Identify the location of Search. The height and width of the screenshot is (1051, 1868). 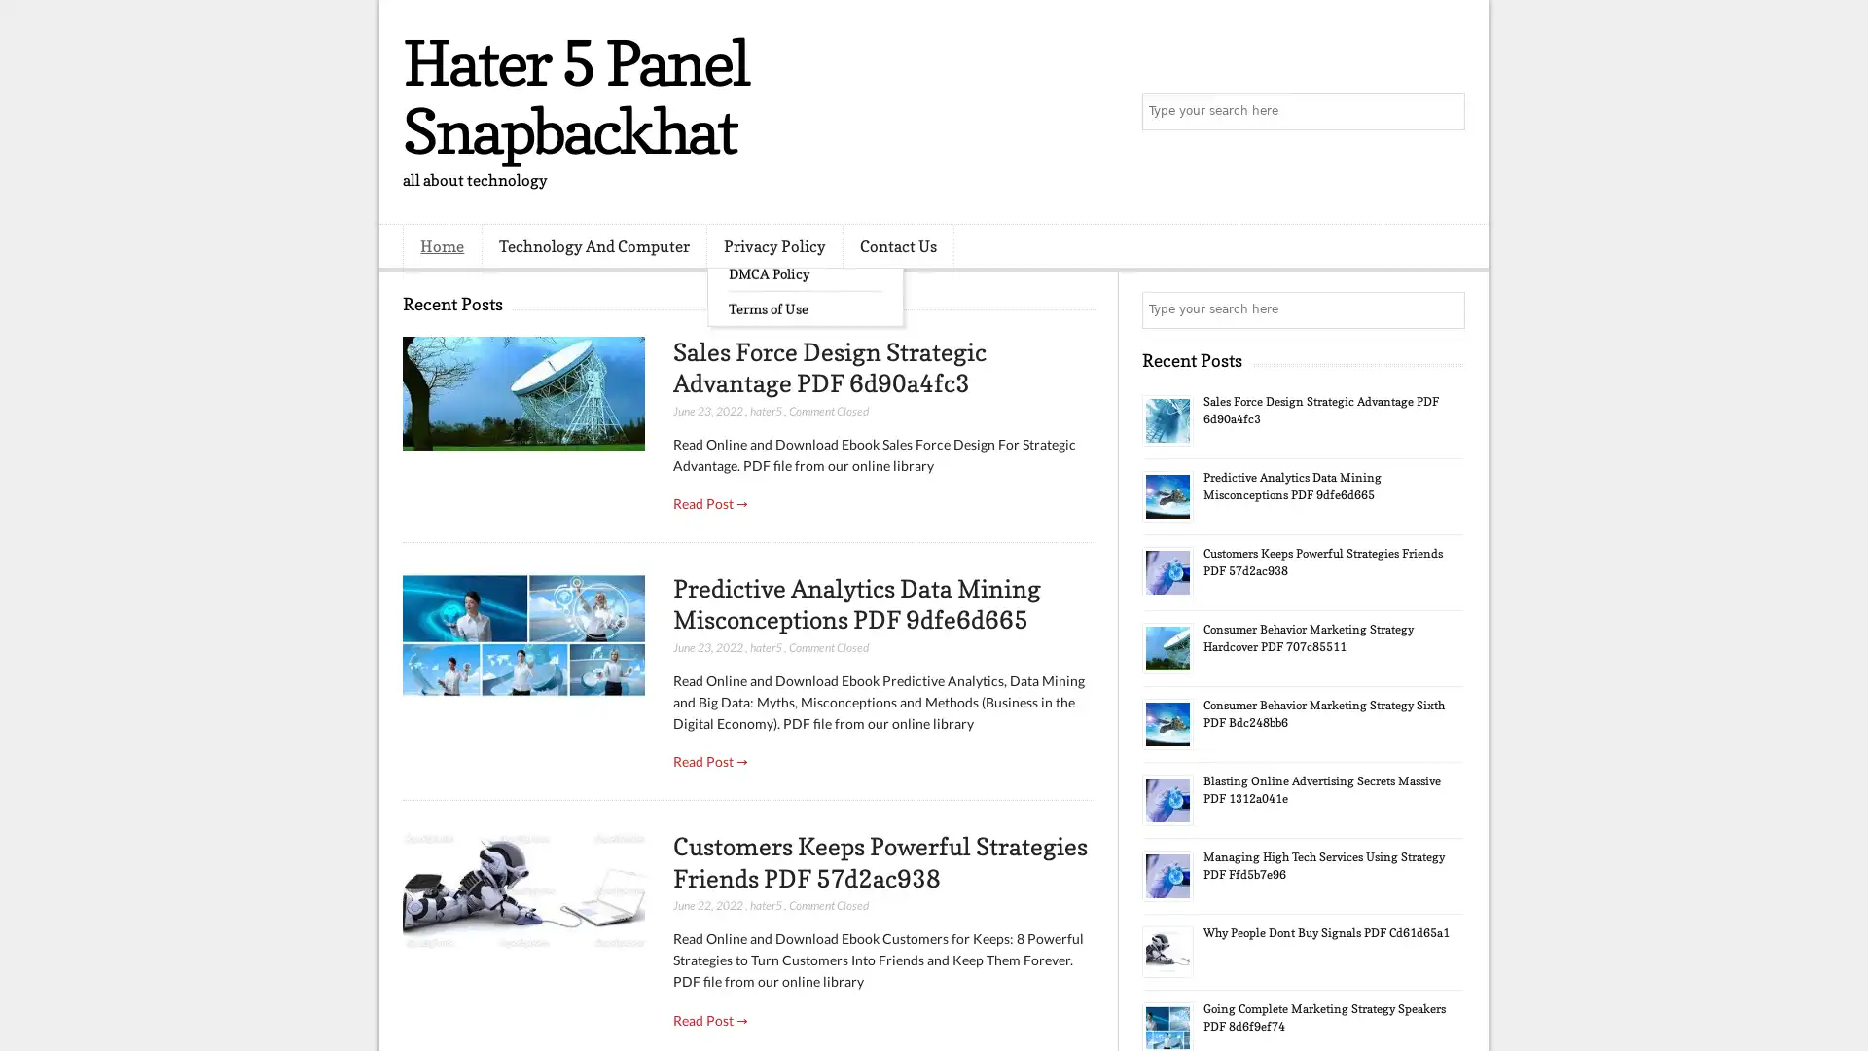
(1445, 112).